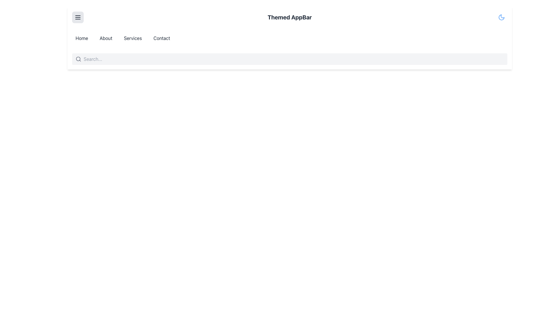 This screenshot has height=313, width=556. Describe the element at coordinates (501, 17) in the screenshot. I see `the theme toggle icon located at the far right of the top navigation bar to switch between light and dark themes` at that location.